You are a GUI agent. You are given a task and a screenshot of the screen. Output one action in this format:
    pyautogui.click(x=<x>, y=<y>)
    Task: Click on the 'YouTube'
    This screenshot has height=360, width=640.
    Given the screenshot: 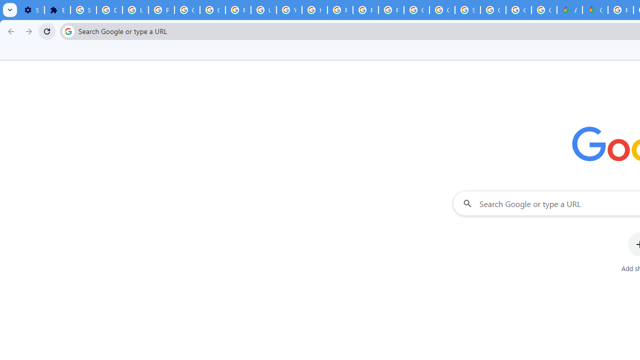 What is the action you would take?
    pyautogui.click(x=288, y=10)
    